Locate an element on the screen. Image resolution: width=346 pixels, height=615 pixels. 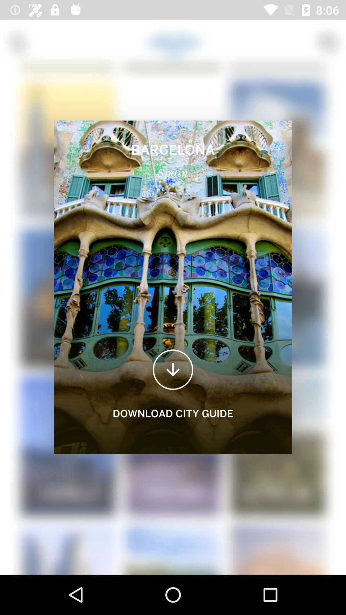
the file_download icon is located at coordinates (173, 370).